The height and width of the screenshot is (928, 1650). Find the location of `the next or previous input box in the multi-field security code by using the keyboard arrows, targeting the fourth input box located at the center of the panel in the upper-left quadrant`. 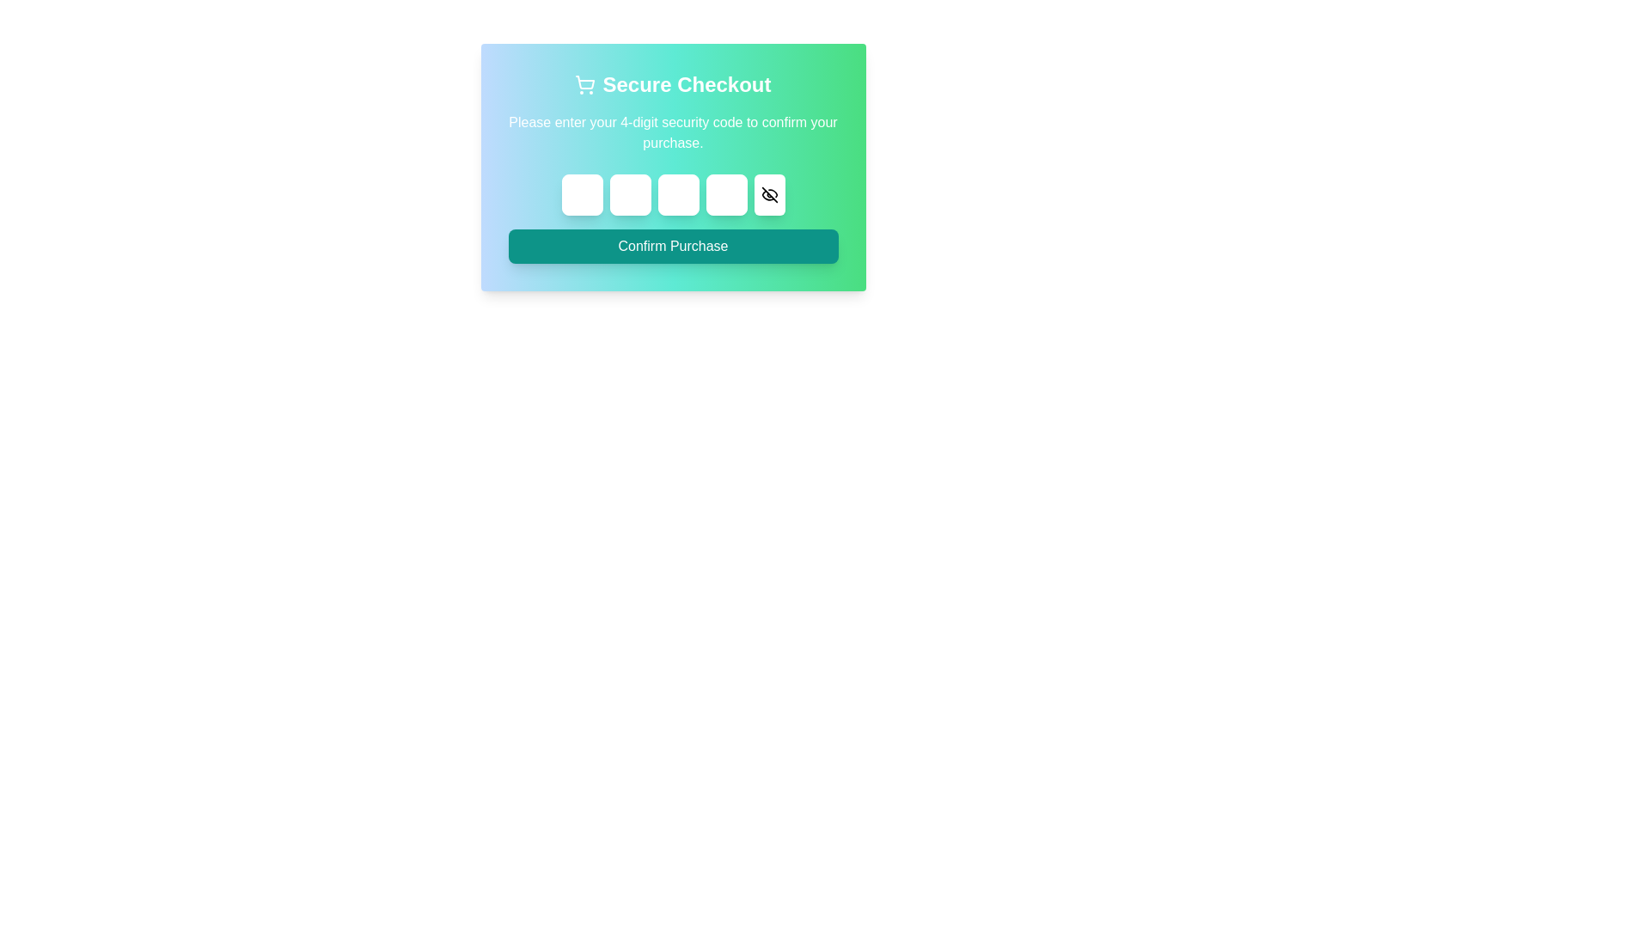

the next or previous input box in the multi-field security code by using the keyboard arrows, targeting the fourth input box located at the center of the panel in the upper-left quadrant is located at coordinates (726, 194).